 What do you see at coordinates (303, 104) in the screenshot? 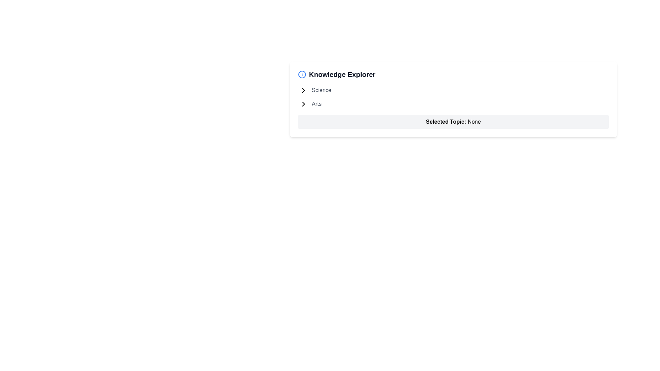
I see `the icon that indicates the navigational option for expanding or collapsing the 'Arts' section, located to the left of the text 'Arts'` at bounding box center [303, 104].